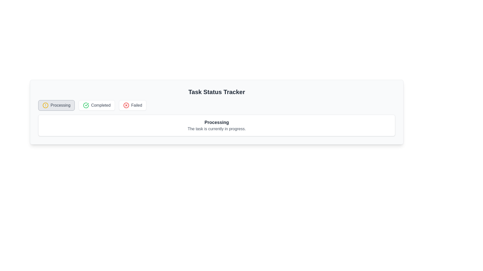  Describe the element at coordinates (97, 105) in the screenshot. I see `the 'Completed' button, which is the second option in a horizontal list of three buttons` at that location.